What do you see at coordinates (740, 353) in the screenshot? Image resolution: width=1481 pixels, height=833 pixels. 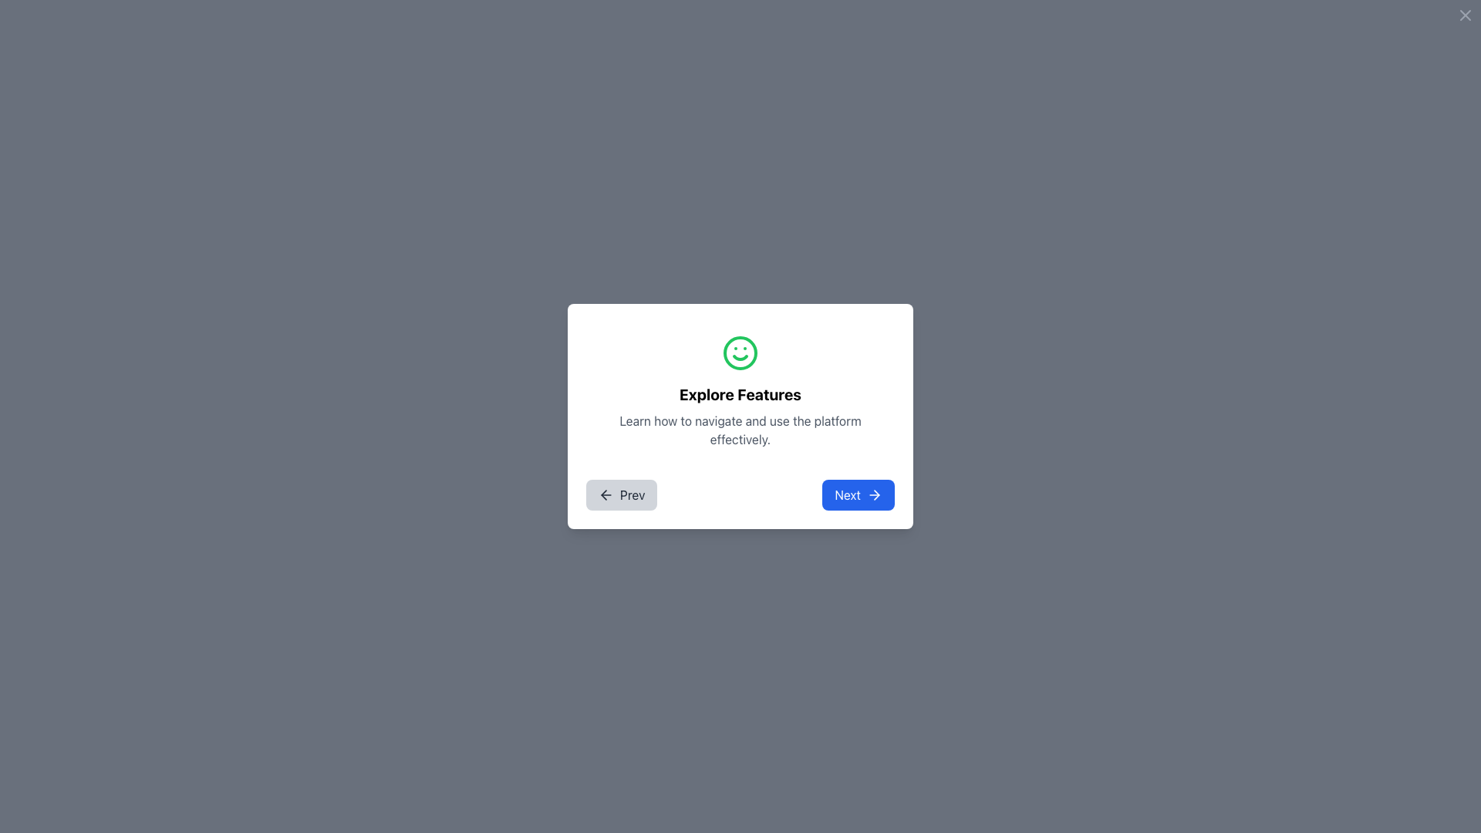 I see `the central circle of the smiley icon located at the top of the dialog box, above the text 'Explore Features'` at bounding box center [740, 353].